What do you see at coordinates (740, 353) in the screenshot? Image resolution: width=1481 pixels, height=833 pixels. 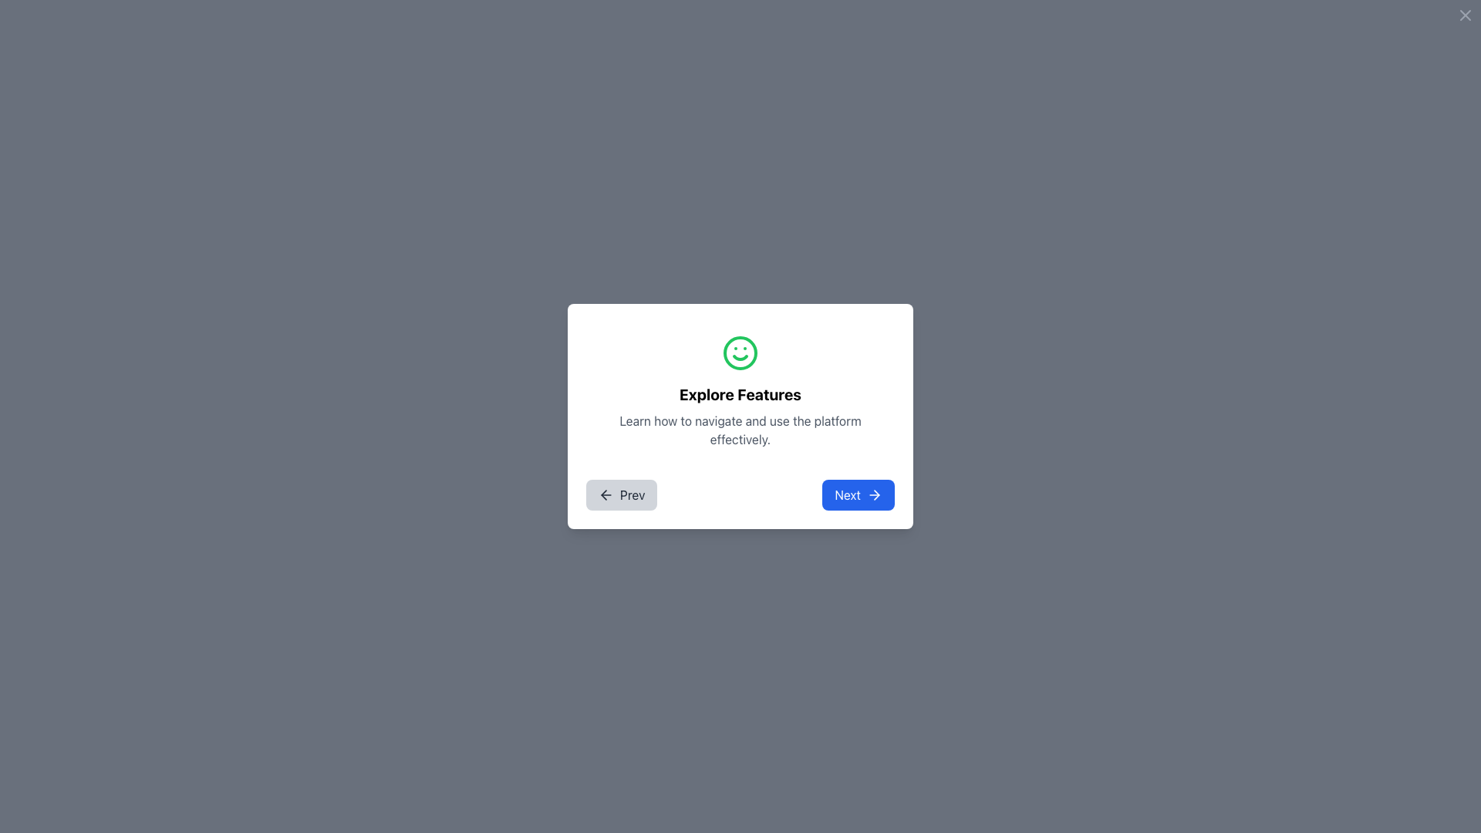 I see `the central circle of the smiley icon located at the top of the dialog box, above the text 'Explore Features'` at bounding box center [740, 353].